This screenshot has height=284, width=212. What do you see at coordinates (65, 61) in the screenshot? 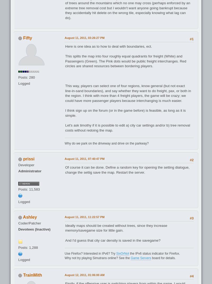
I see `'This splits the map into four roughly equal quadrants for freight (White) and Passengers (Green). The Pink dots would be public freight interchanges. Red circles are shared resources between bordering players.'` at bounding box center [65, 61].